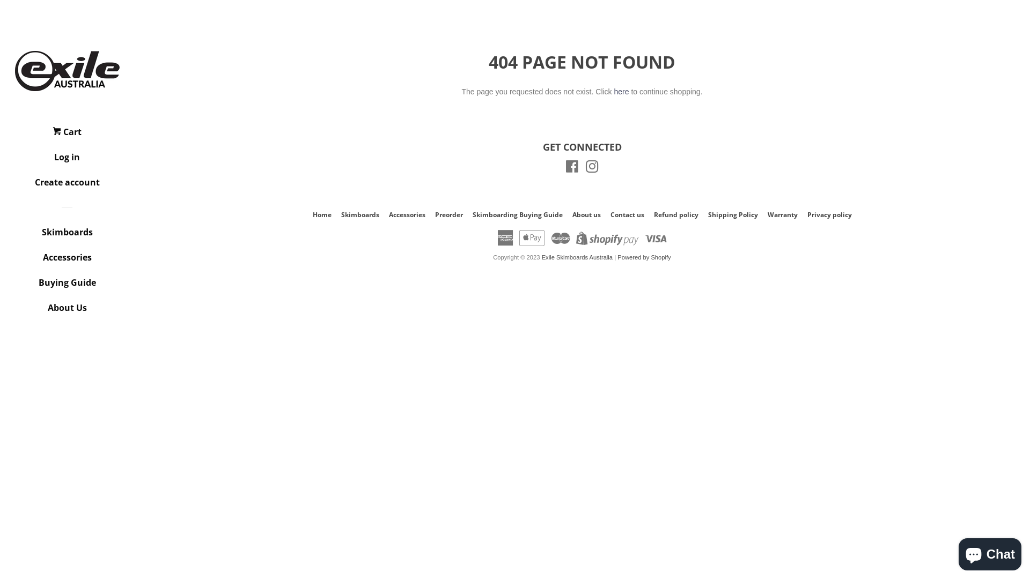 The height and width of the screenshot is (579, 1030). Describe the element at coordinates (627, 214) in the screenshot. I see `'Contact us'` at that location.